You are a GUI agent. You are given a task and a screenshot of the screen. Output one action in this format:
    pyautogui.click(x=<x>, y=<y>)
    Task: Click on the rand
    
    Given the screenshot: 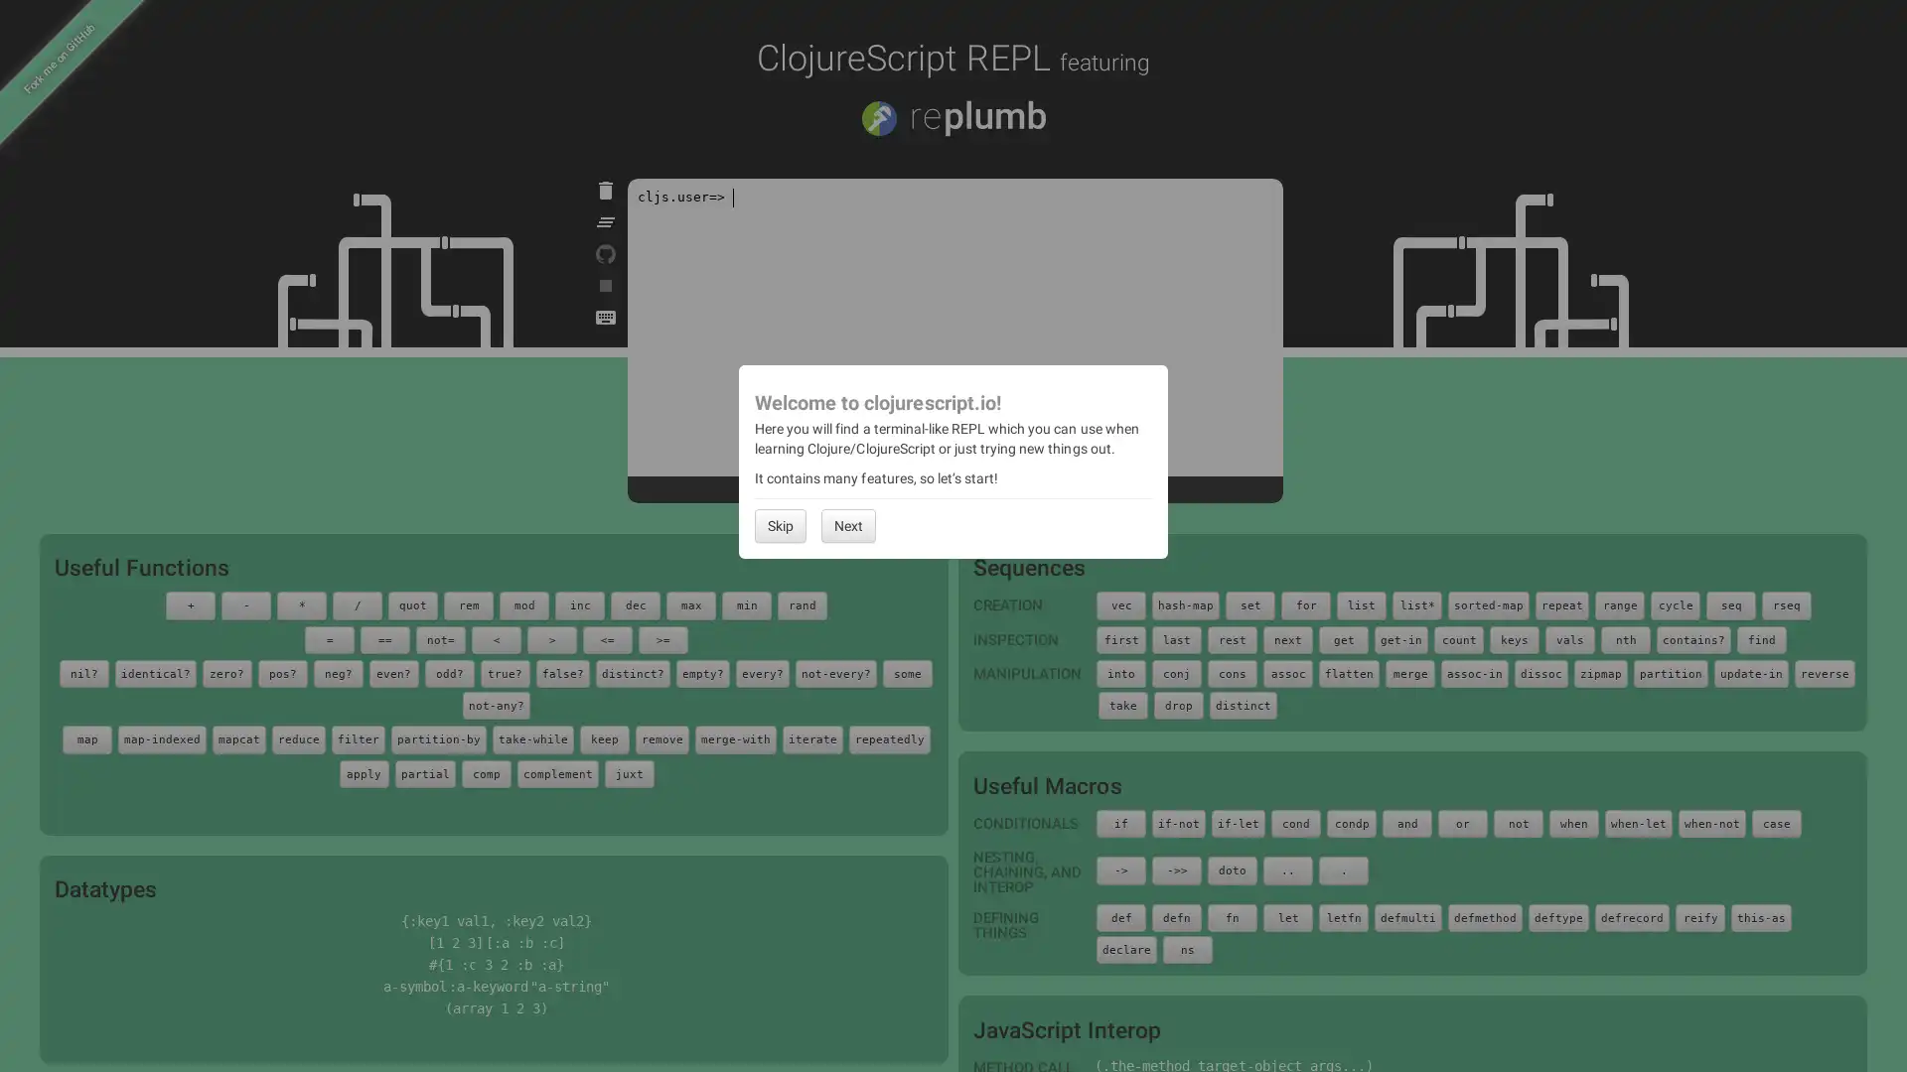 What is the action you would take?
    pyautogui.click(x=802, y=603)
    